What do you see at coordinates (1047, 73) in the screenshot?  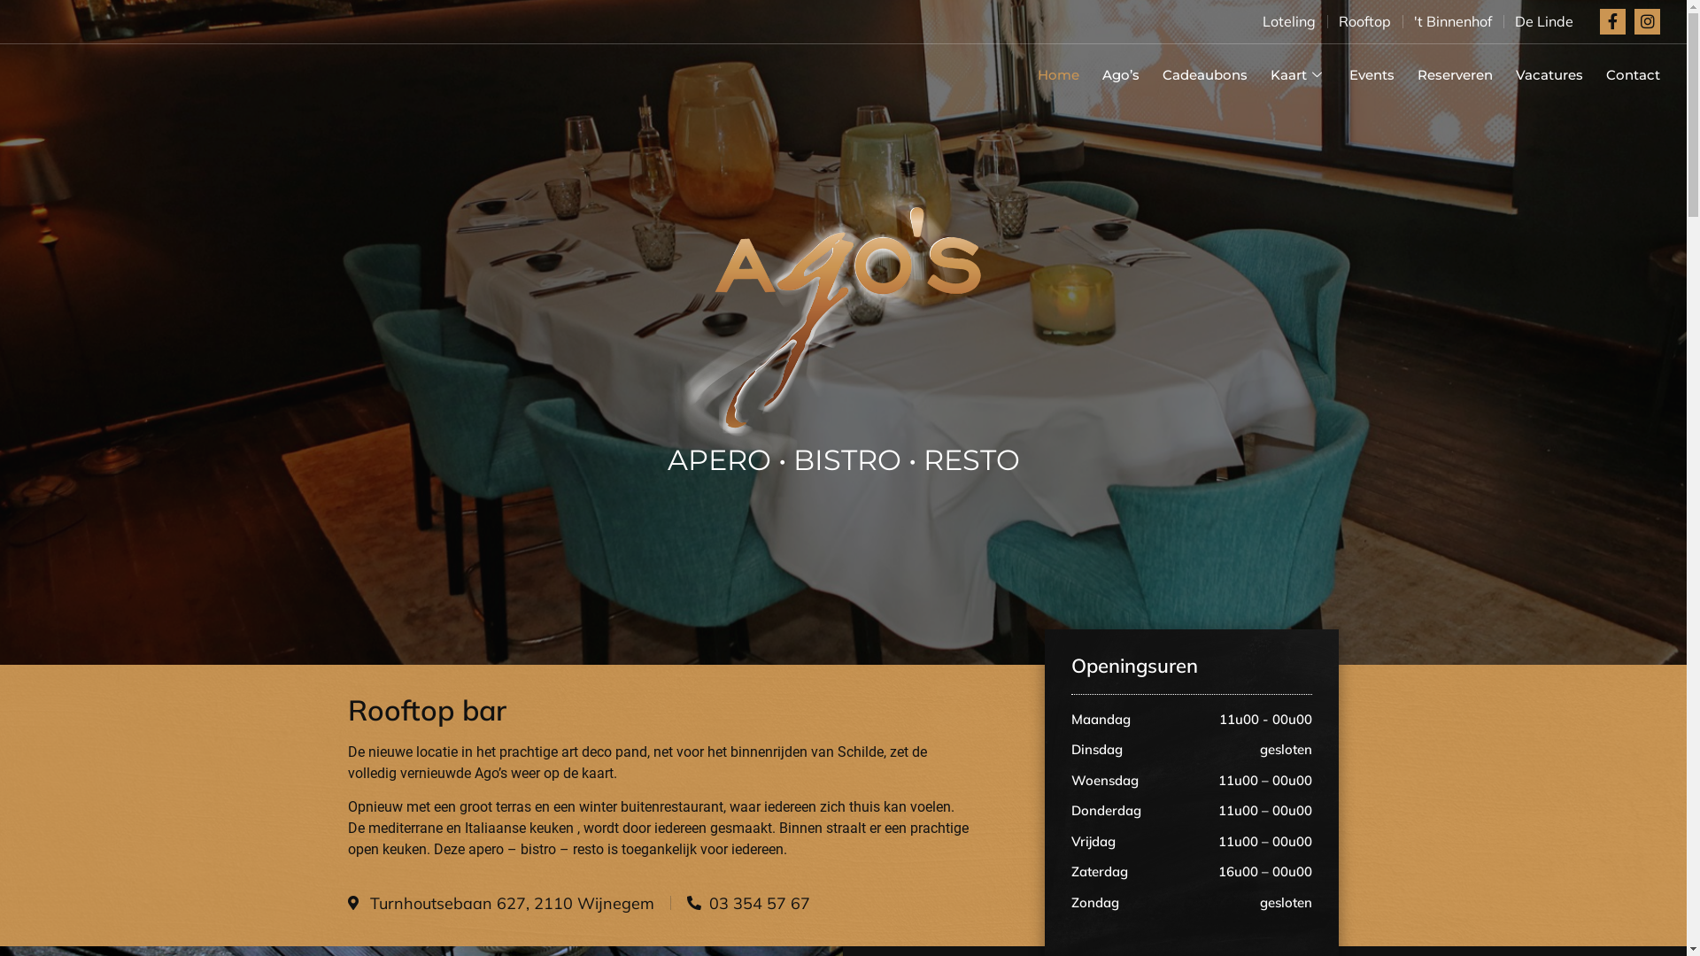 I see `'Home'` at bounding box center [1047, 73].